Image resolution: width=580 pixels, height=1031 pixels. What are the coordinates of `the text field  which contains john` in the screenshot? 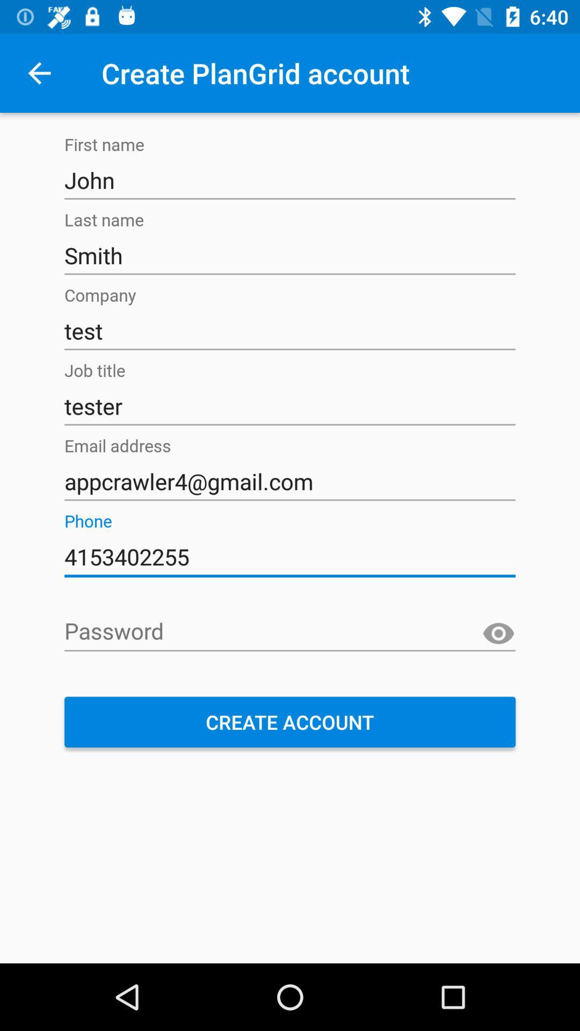 It's located at (290, 180).